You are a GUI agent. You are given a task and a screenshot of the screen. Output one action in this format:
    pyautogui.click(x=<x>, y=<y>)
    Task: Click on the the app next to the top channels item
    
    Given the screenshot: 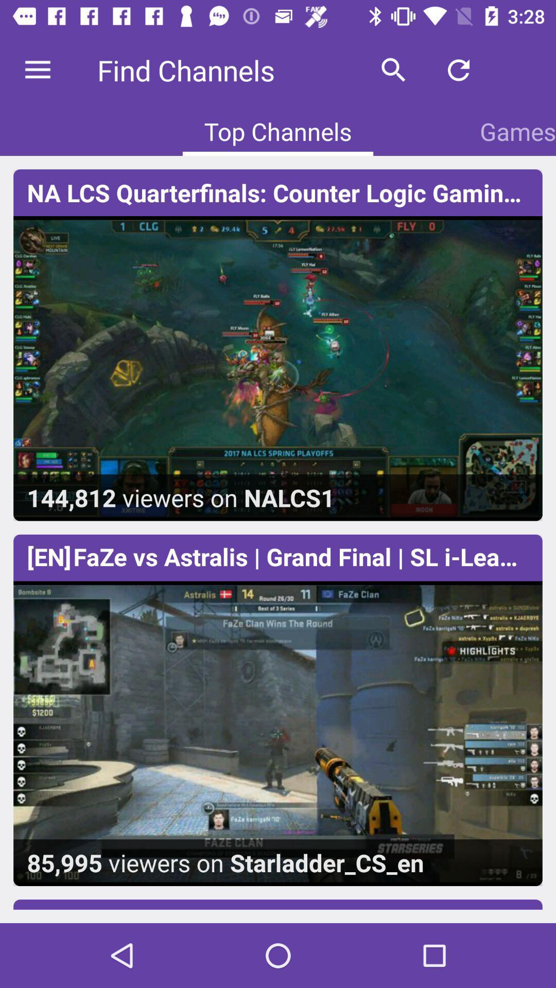 What is the action you would take?
    pyautogui.click(x=518, y=131)
    